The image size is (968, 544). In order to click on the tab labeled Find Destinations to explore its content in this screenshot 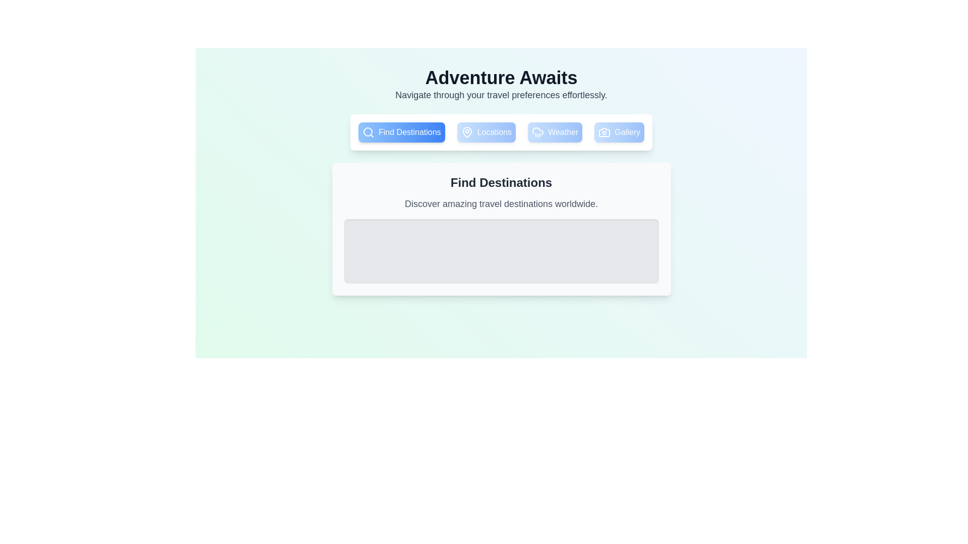, I will do `click(401, 131)`.